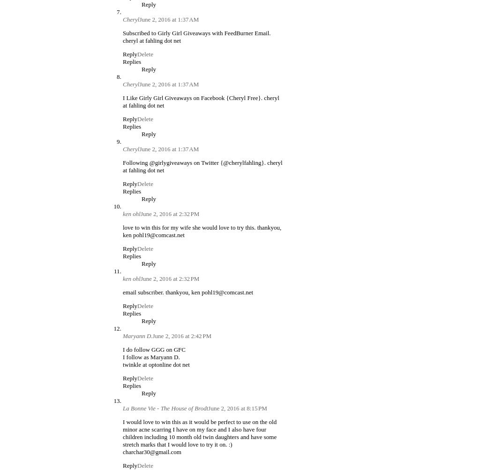  I want to click on 'I would love to win this as it would be perfect to use on the old minor acne scarring I have on my face and I also have four children including 10 month old twin daughters and have some stretch marks that I would love to try it on. :)', so click(199, 432).